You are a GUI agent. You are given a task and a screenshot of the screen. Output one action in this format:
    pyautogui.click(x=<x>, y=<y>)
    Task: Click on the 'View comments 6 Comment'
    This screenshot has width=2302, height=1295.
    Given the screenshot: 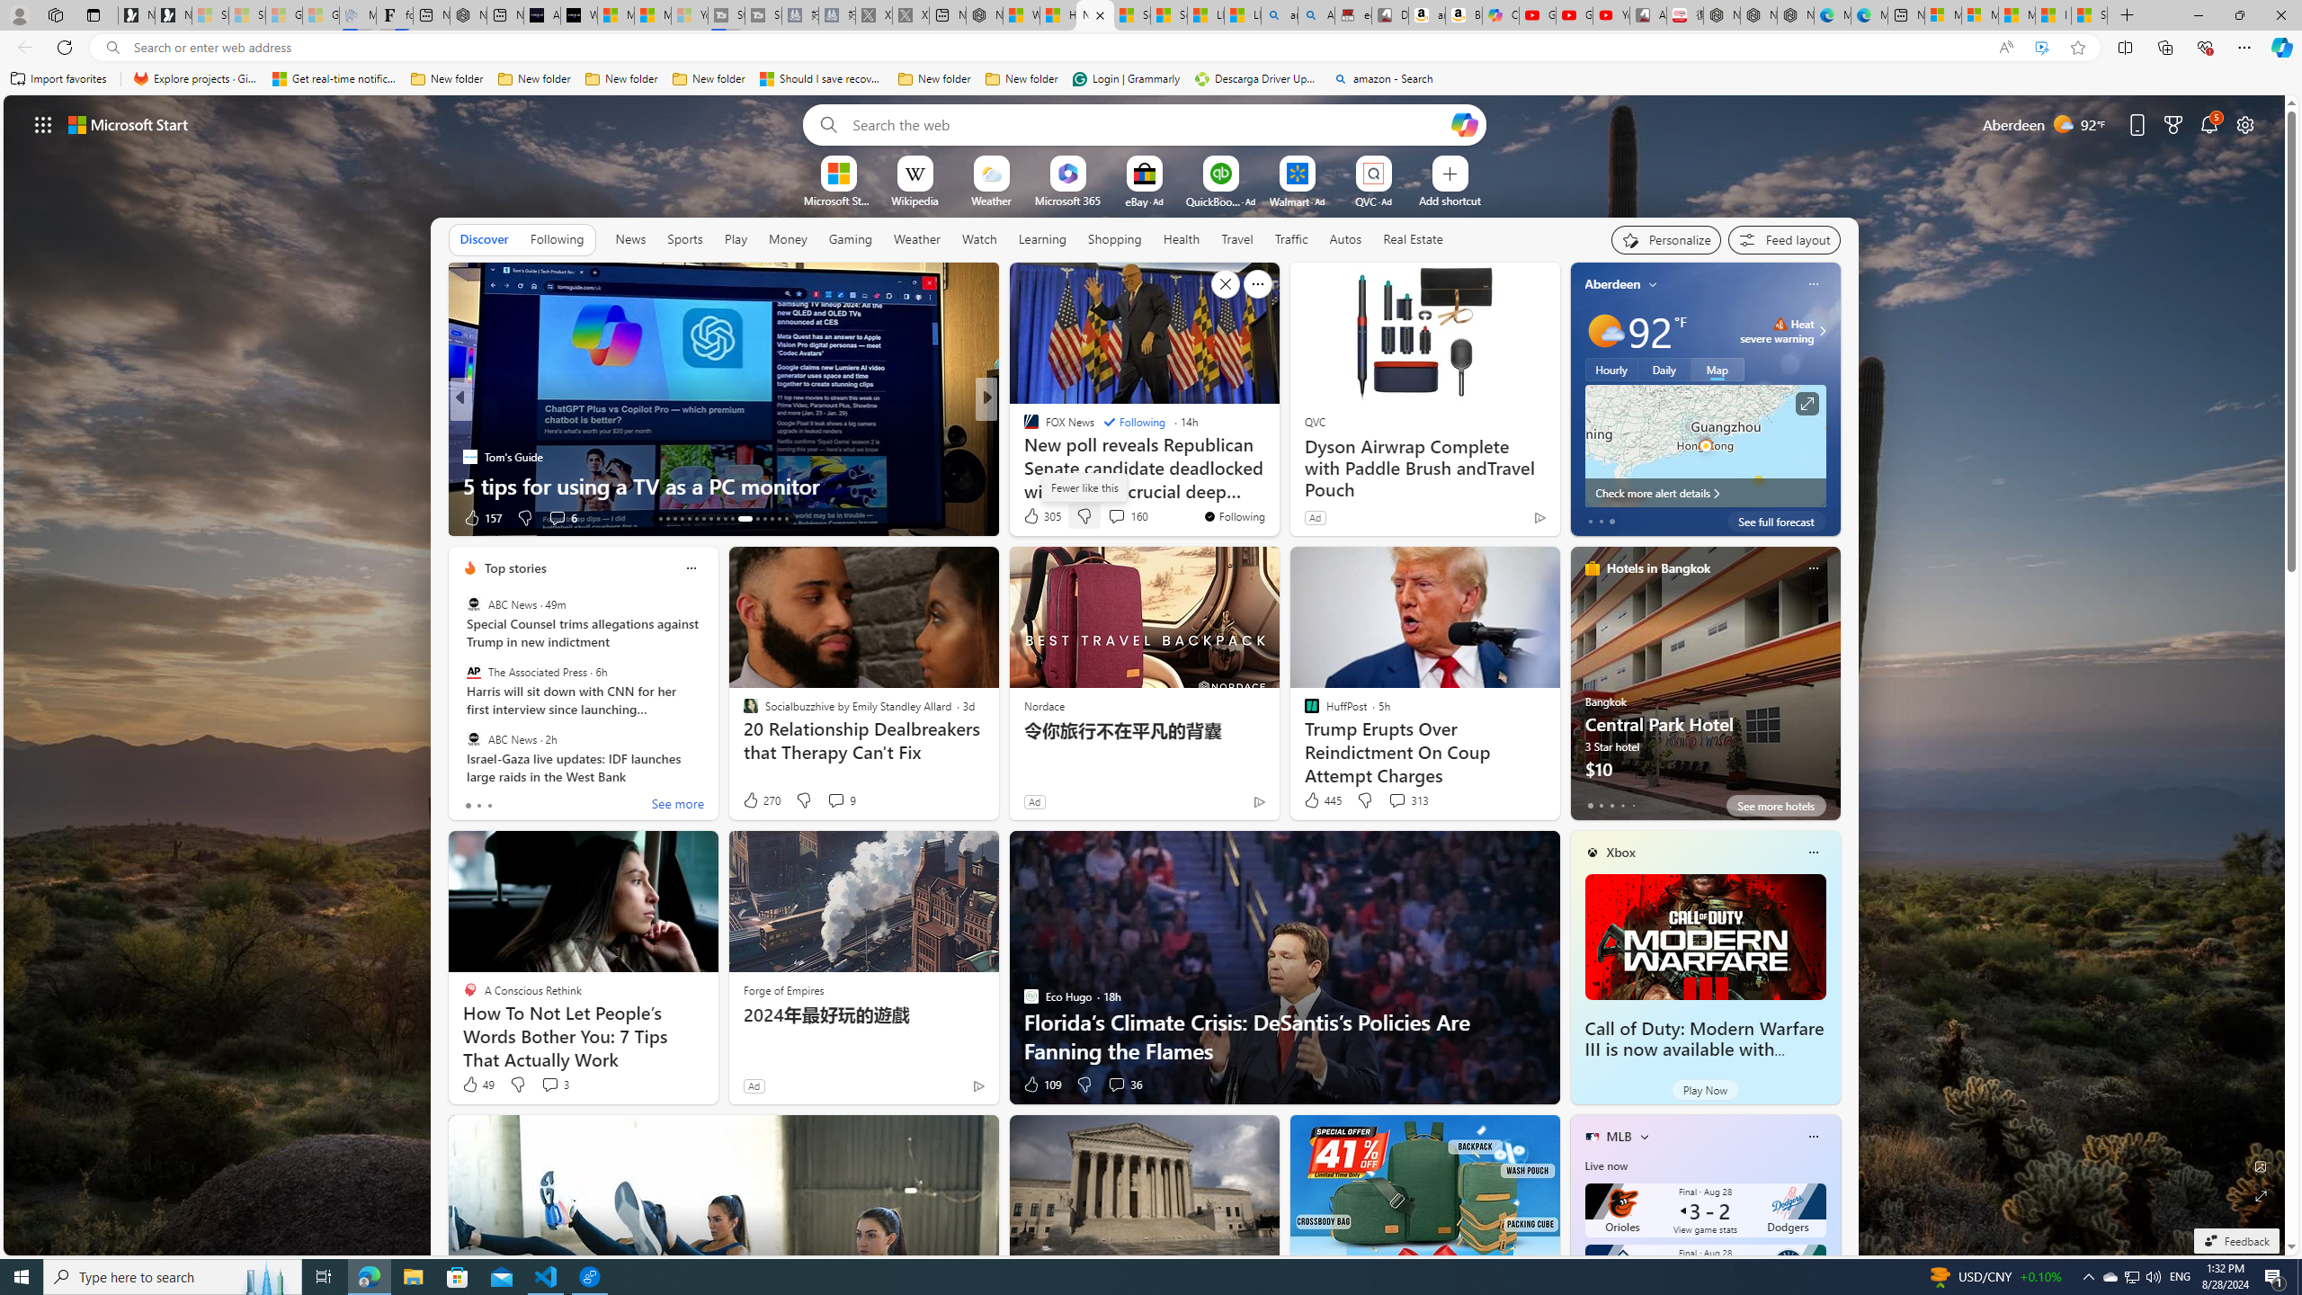 What is the action you would take?
    pyautogui.click(x=561, y=517)
    